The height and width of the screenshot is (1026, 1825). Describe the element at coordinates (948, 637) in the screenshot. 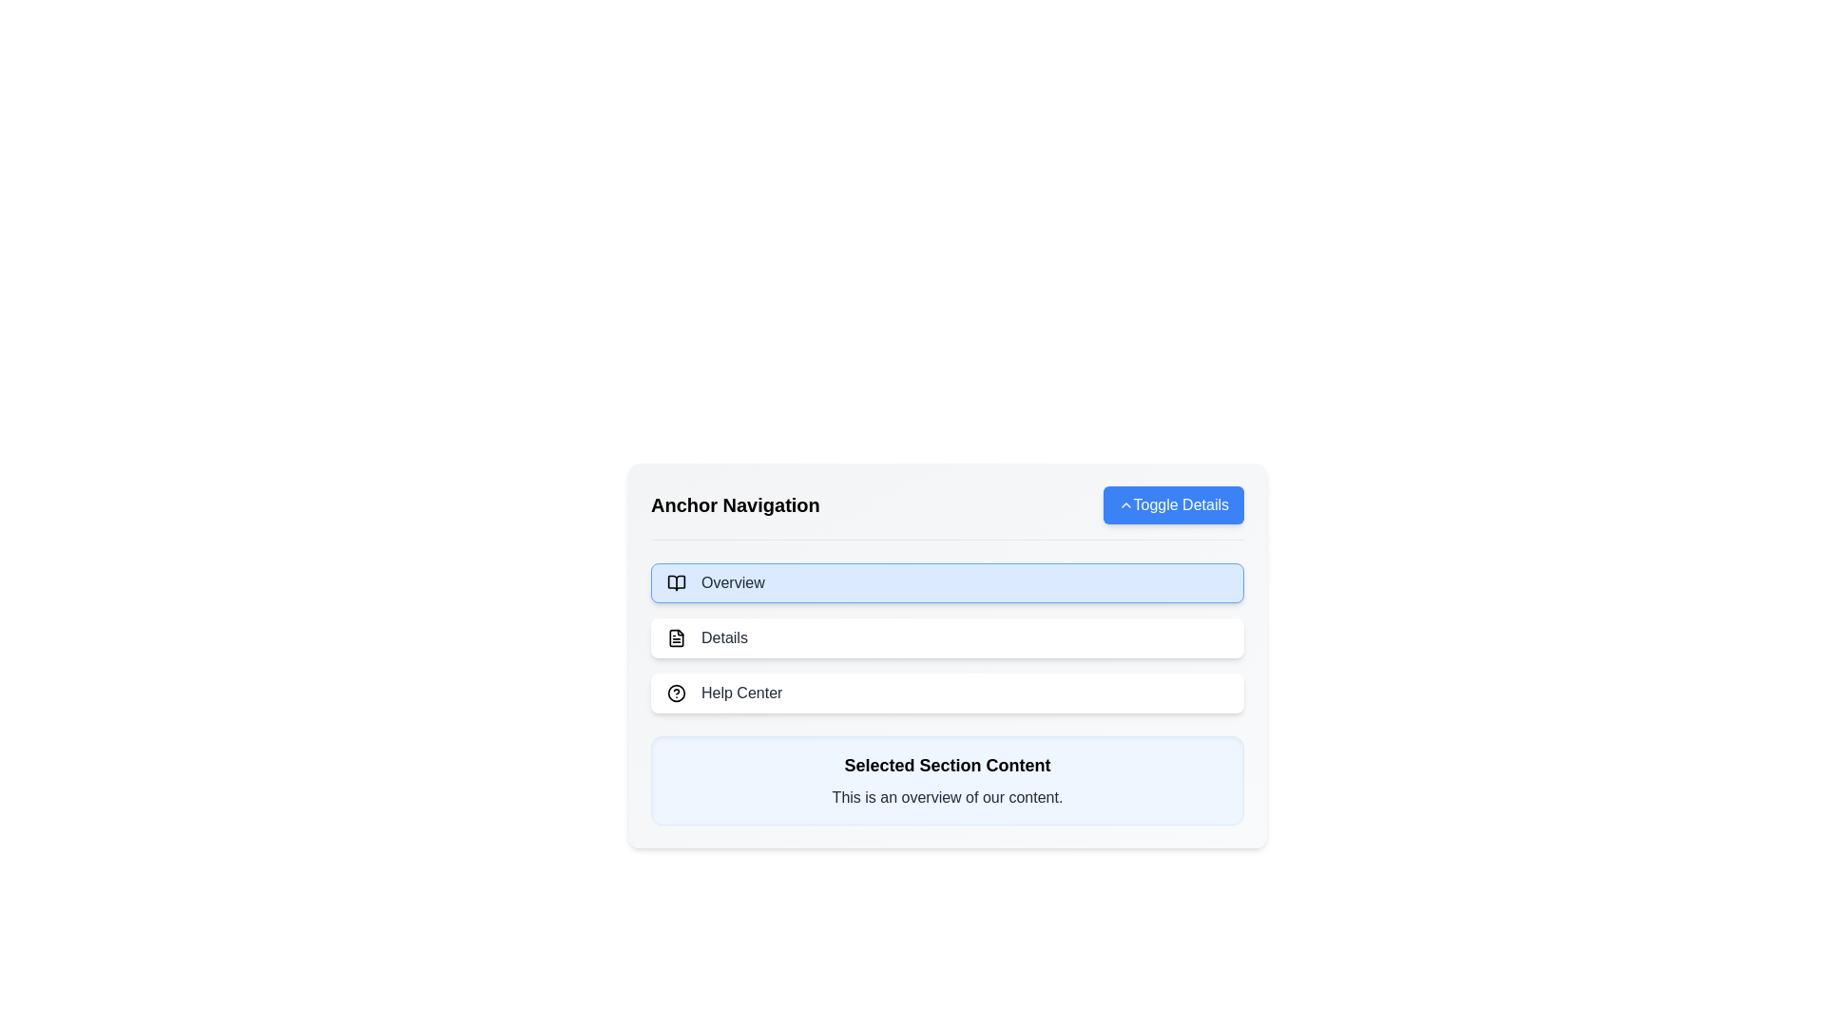

I see `the navigation button for accessing the 'Details' section, which is located below the 'Overview' button and above the 'Help Center' button` at that location.